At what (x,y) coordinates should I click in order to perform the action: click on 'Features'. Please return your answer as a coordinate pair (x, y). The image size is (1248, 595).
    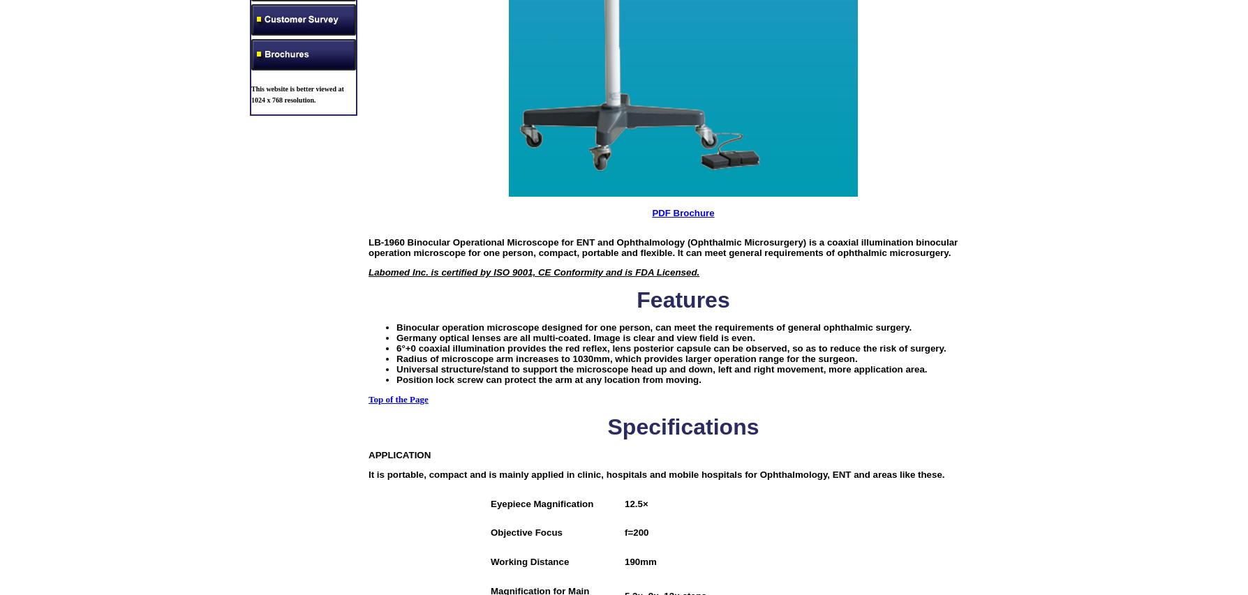
    Looking at the image, I should click on (637, 299).